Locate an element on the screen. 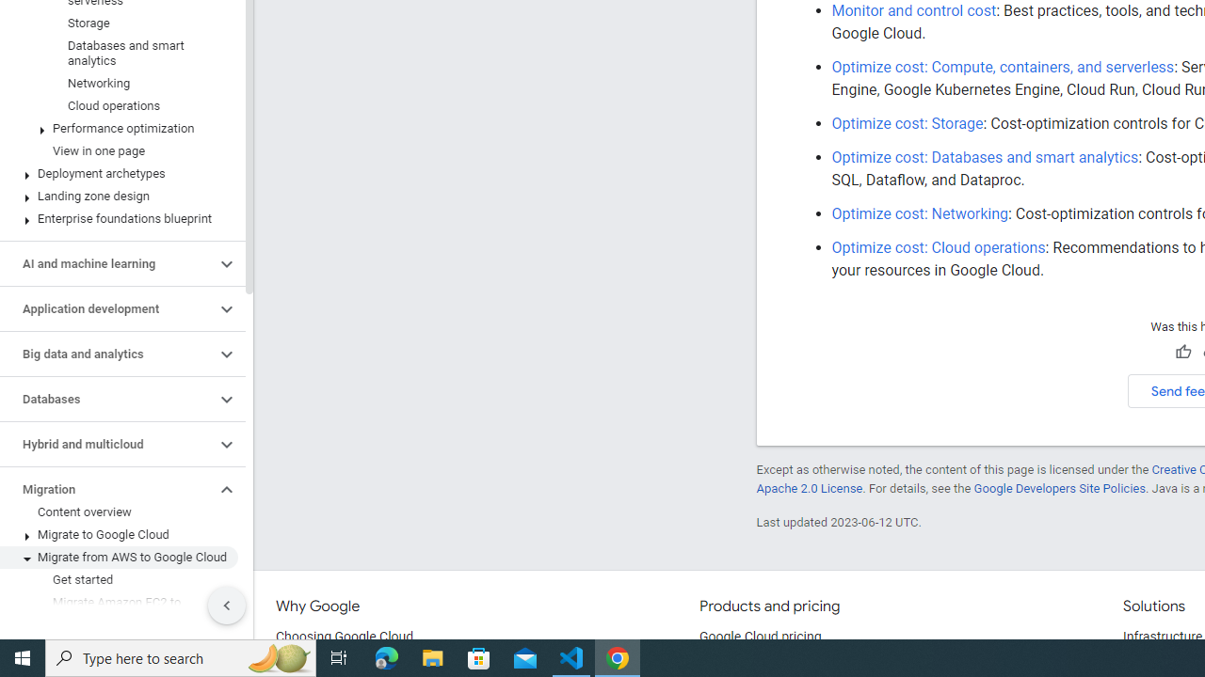 The height and width of the screenshot is (677, 1205). 'Optimize cost: Compute, containers, and serverless' is located at coordinates (1002, 66).